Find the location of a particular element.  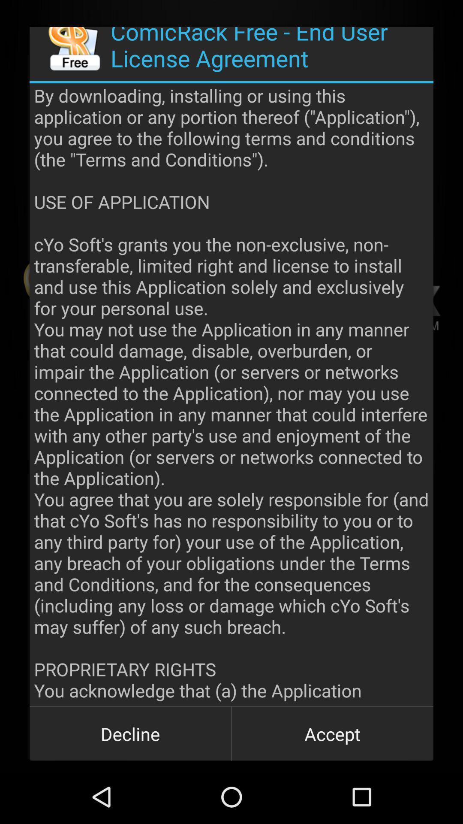

the decline button is located at coordinates (130, 733).